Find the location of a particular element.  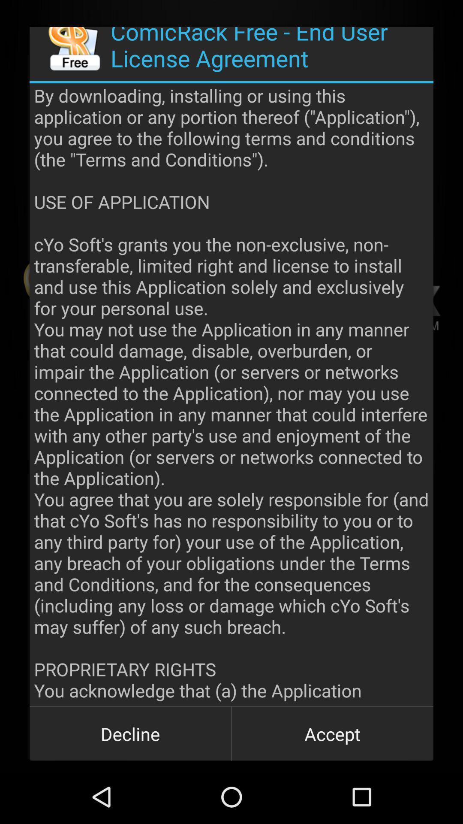

the decline button is located at coordinates (130, 733).